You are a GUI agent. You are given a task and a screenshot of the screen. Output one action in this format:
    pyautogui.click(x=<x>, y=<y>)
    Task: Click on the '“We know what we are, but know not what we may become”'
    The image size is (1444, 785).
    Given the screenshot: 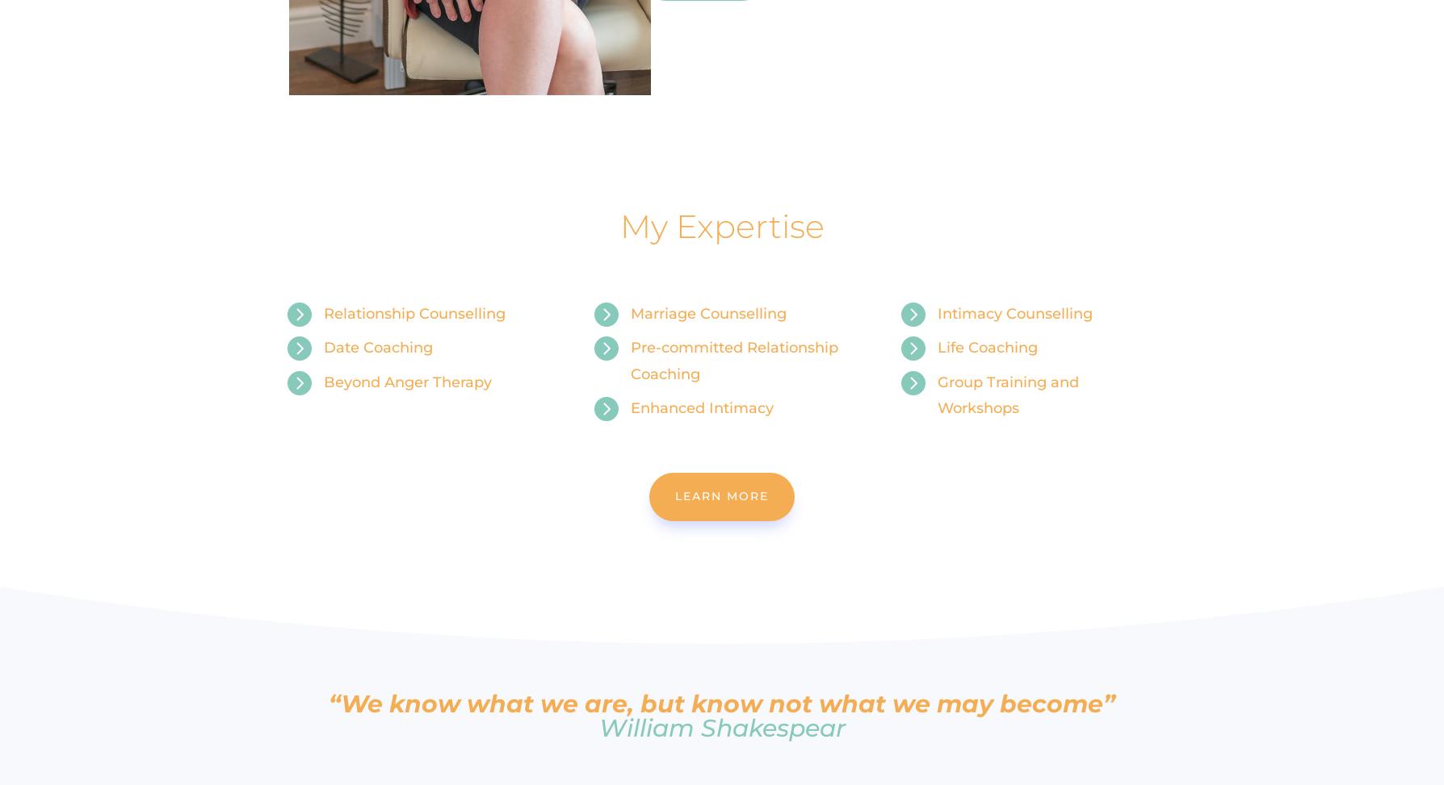 What is the action you would take?
    pyautogui.click(x=722, y=704)
    